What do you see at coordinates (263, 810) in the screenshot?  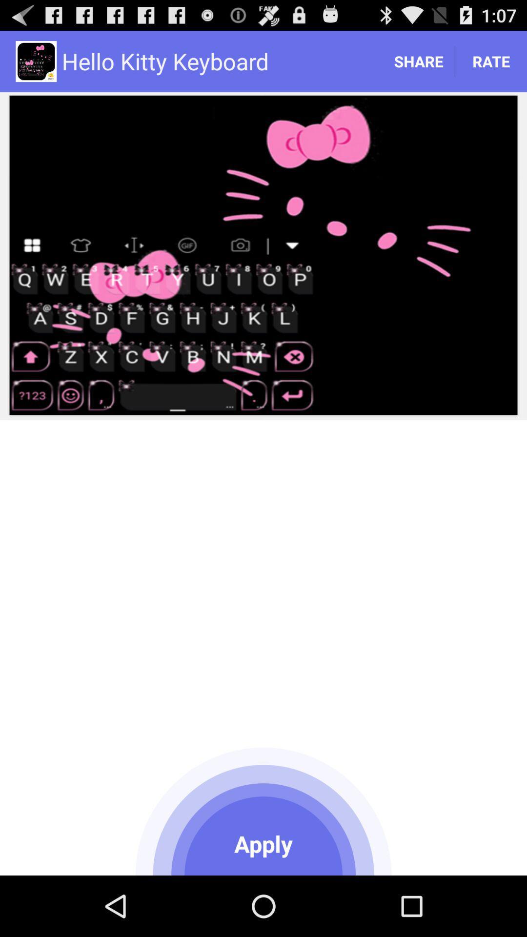 I see `icon at the bottom` at bounding box center [263, 810].